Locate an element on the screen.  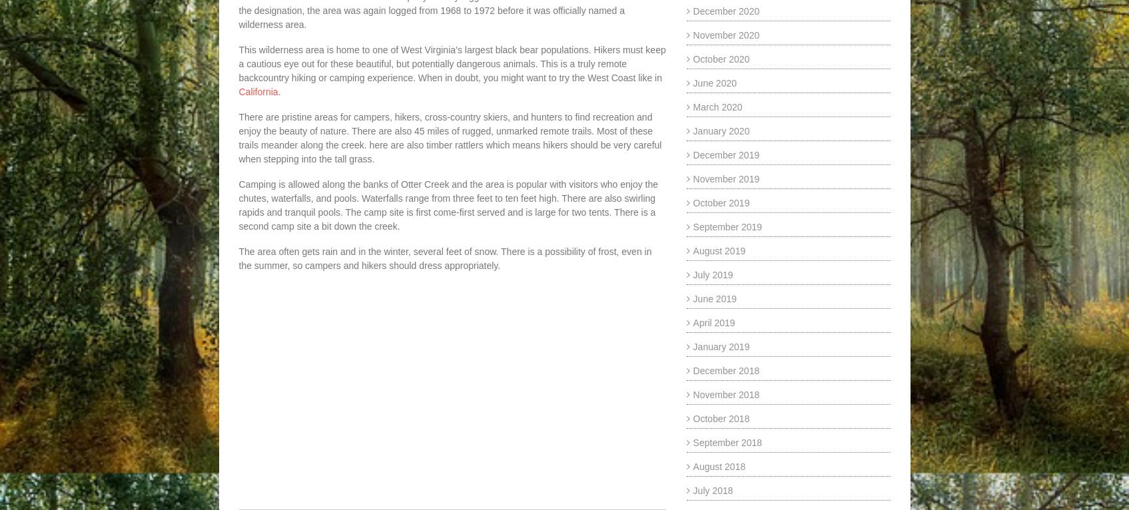
'November 2020' is located at coordinates (726, 35).